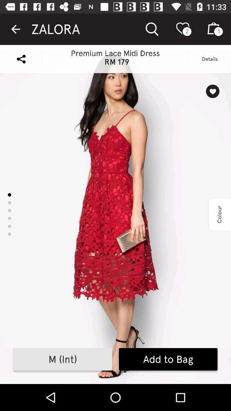 This screenshot has width=231, height=411. Describe the element at coordinates (168, 359) in the screenshot. I see `the icon to the right of the m (int)` at that location.